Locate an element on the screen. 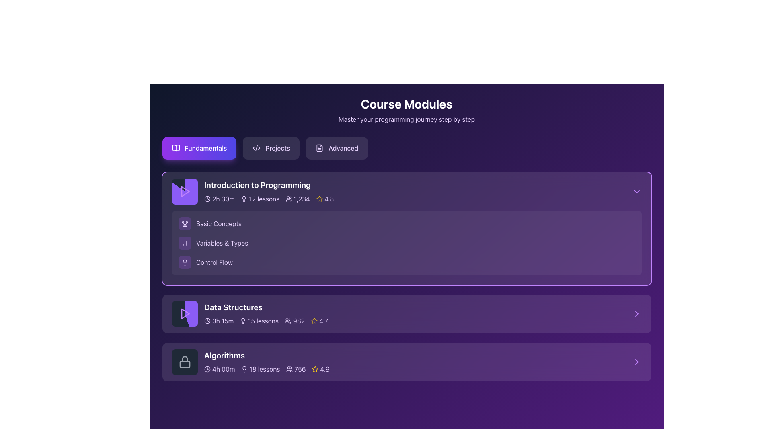 The height and width of the screenshot is (434, 772). the third information display group that shows the number of participants for the 'Introduction to Programming' course is located at coordinates (297, 199).